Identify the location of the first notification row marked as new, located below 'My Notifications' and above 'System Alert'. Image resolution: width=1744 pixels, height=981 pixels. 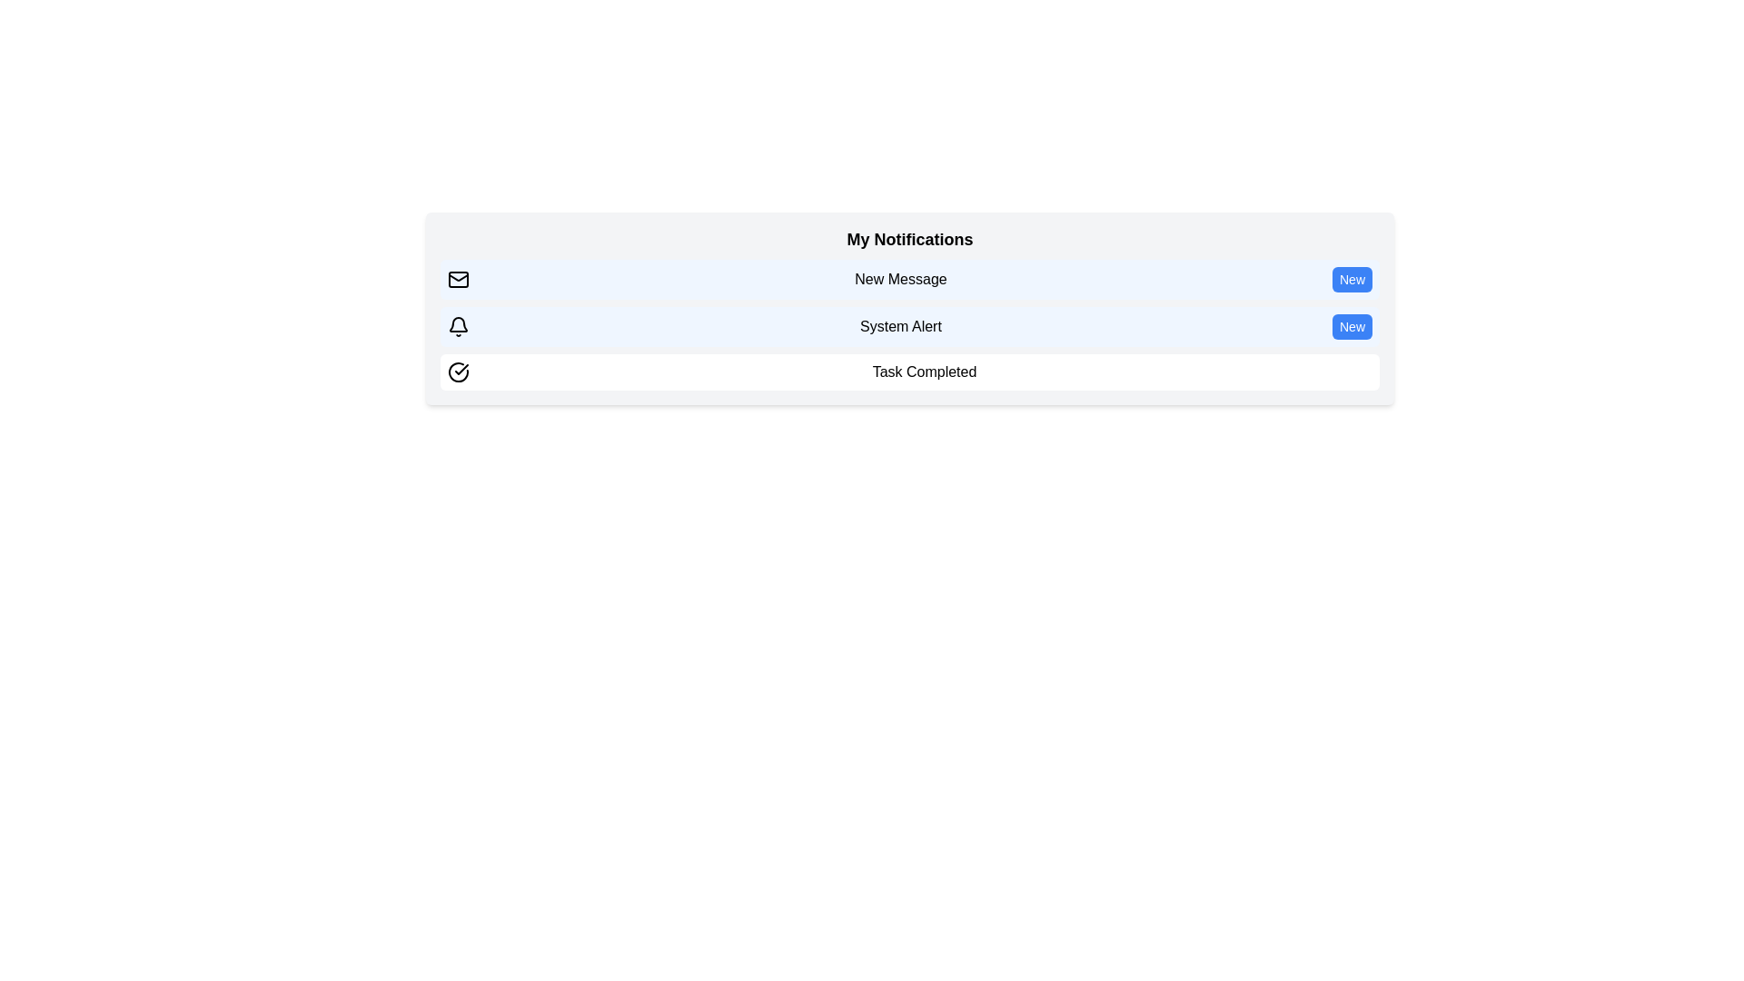
(910, 280).